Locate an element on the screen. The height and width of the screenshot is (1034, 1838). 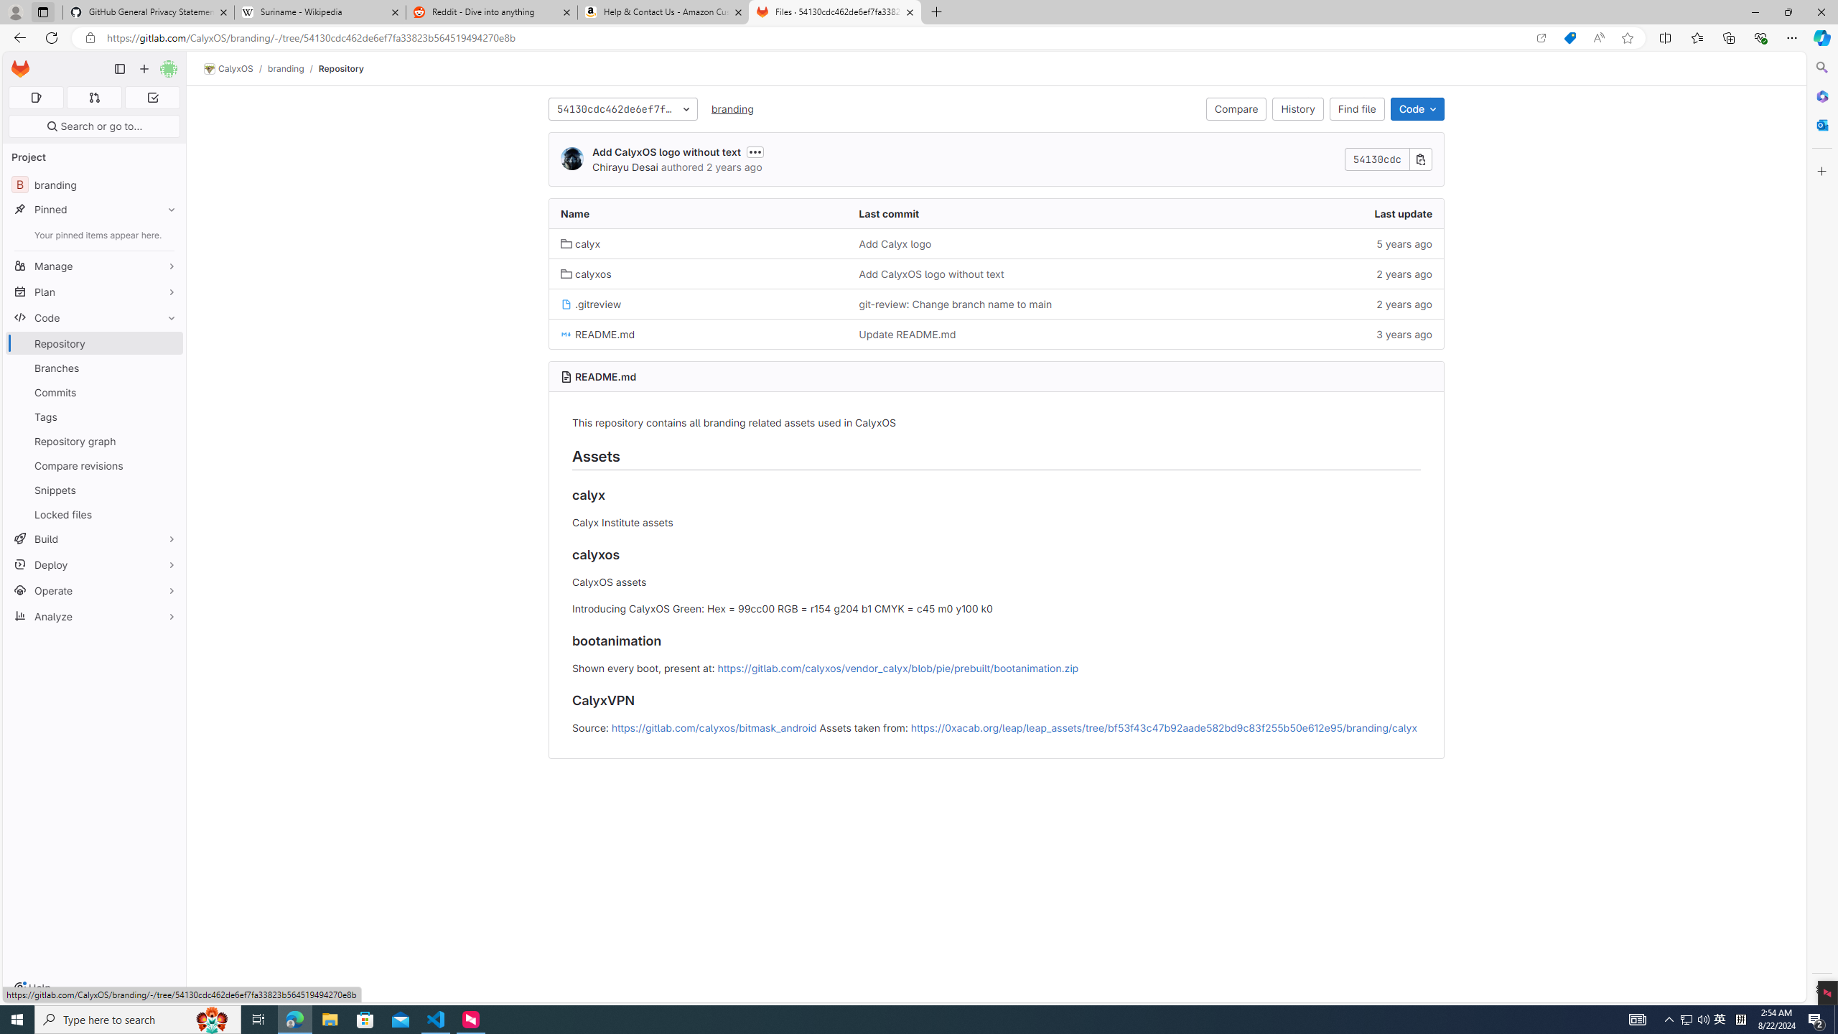
'Commits' is located at coordinates (93, 391).